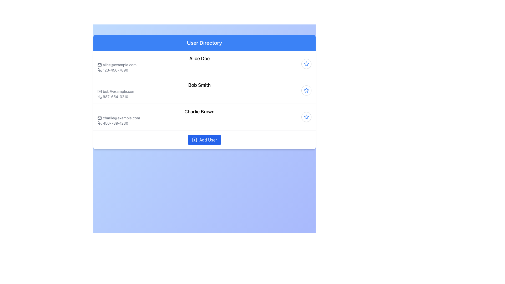 The image size is (505, 284). What do you see at coordinates (199, 59) in the screenshot?
I see `the Text display header that shows 'Alice Doe', which is styled with a large bold font and serves as the title for the user information` at bounding box center [199, 59].